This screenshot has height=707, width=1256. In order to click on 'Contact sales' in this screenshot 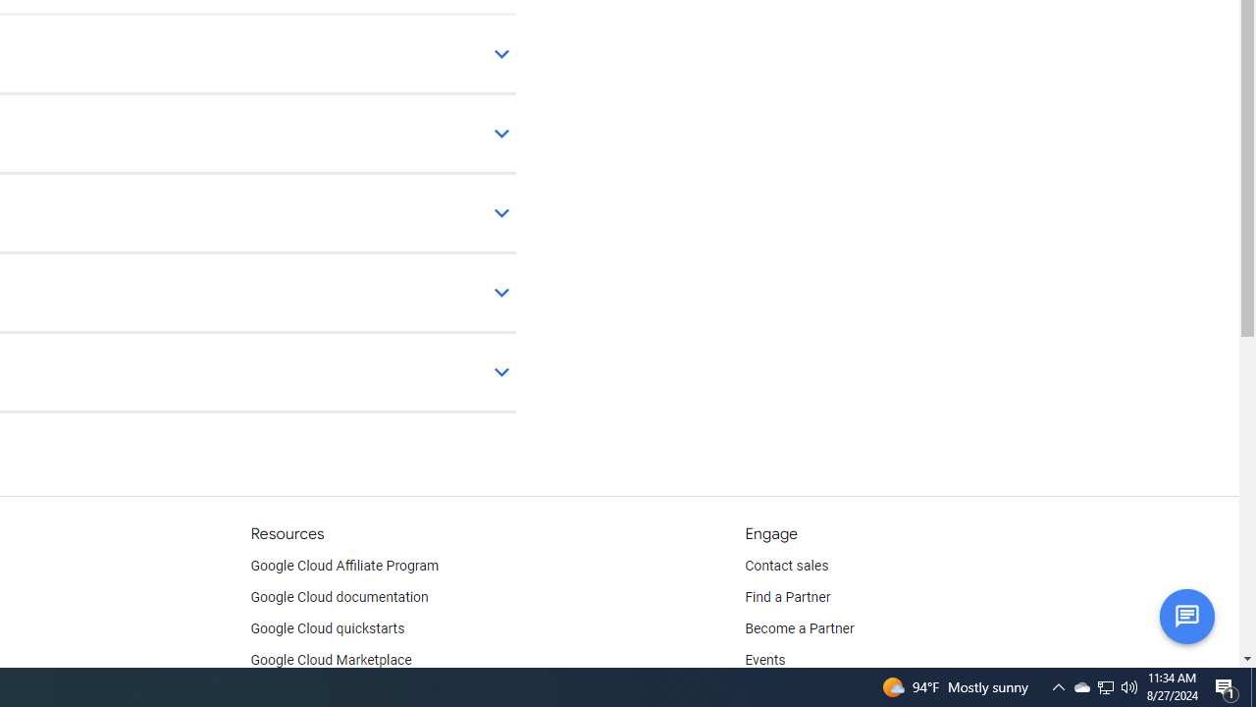, I will do `click(786, 567)`.